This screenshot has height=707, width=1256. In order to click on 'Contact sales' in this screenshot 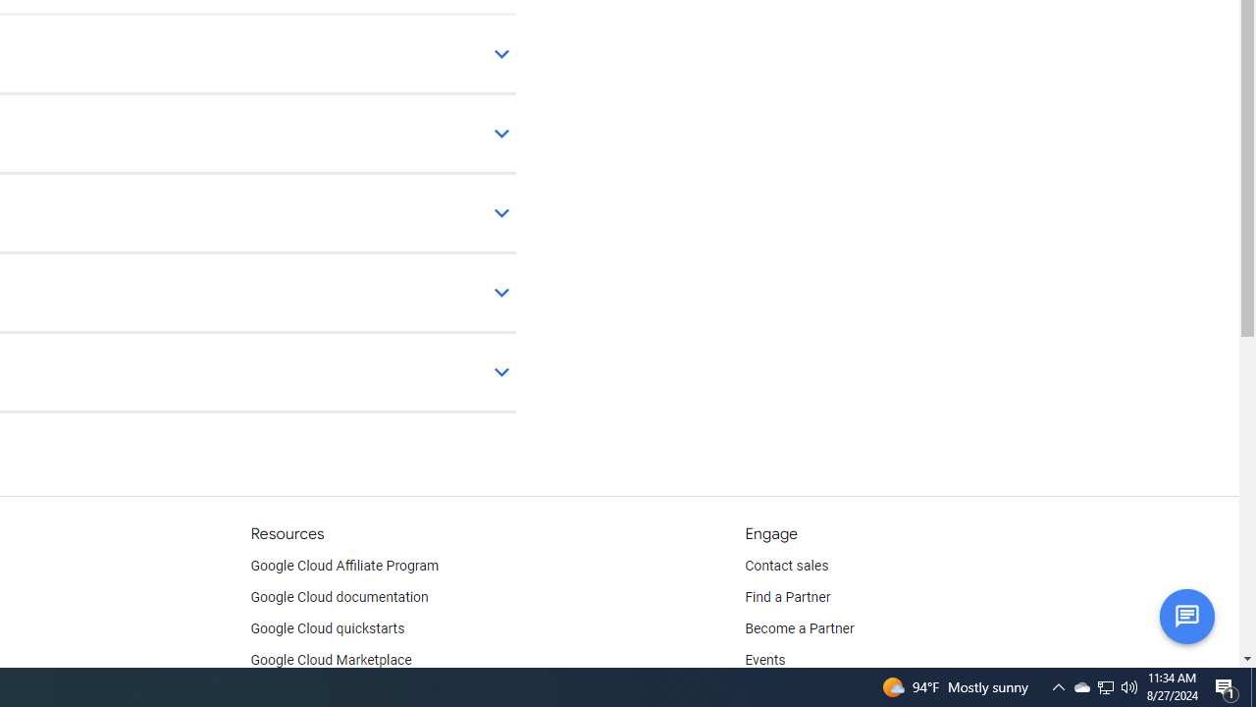, I will do `click(786, 567)`.